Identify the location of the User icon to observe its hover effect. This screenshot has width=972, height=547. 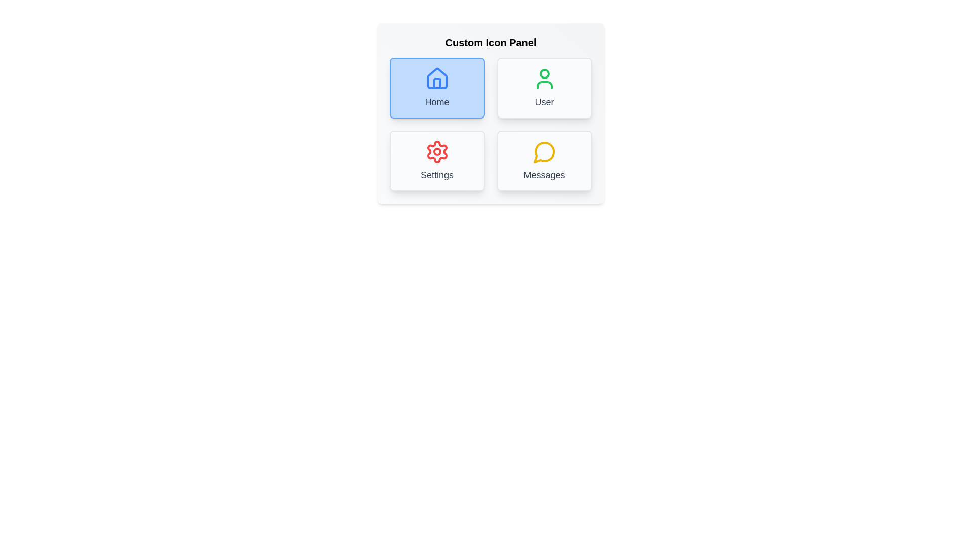
(544, 87).